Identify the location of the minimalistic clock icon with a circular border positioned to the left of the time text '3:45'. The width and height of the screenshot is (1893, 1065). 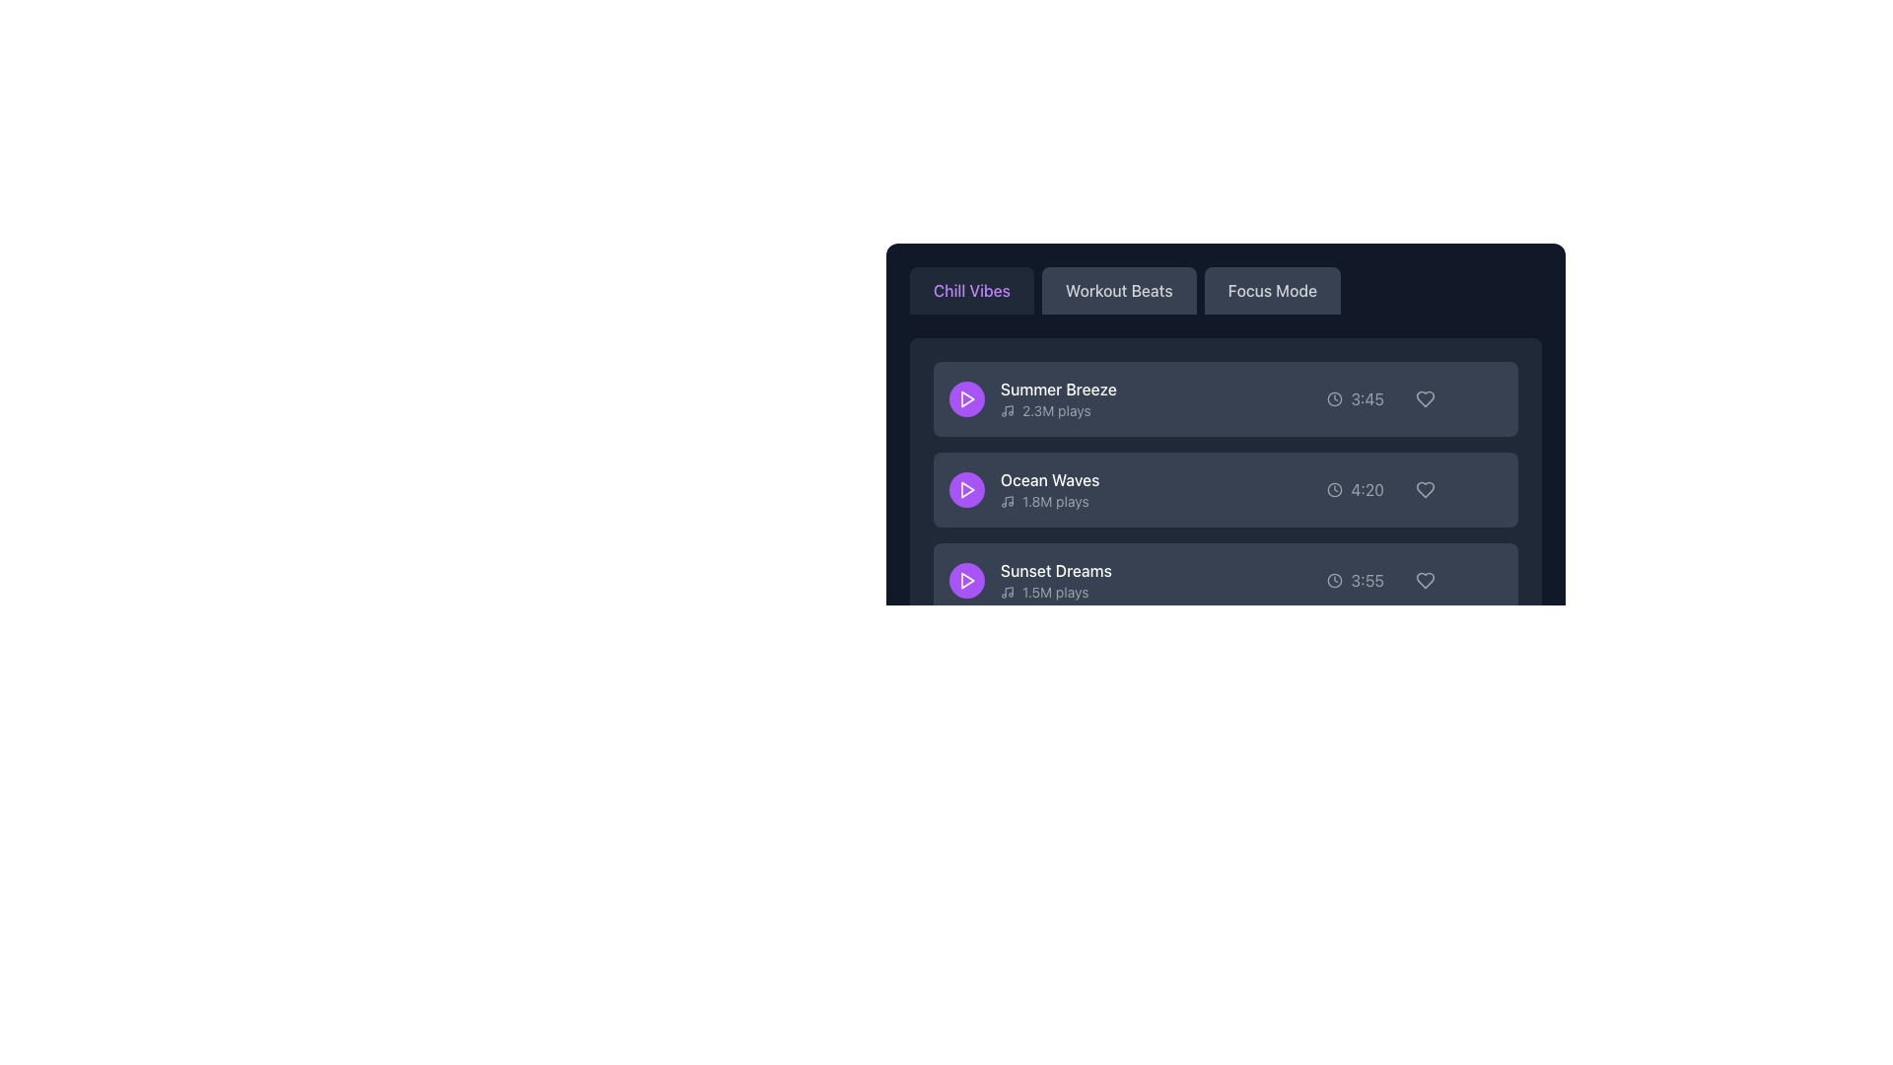
(1335, 399).